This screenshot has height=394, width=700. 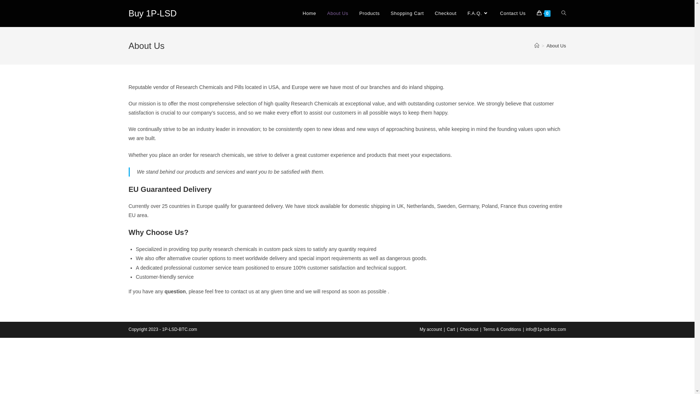 What do you see at coordinates (337, 13) in the screenshot?
I see `'About Us'` at bounding box center [337, 13].